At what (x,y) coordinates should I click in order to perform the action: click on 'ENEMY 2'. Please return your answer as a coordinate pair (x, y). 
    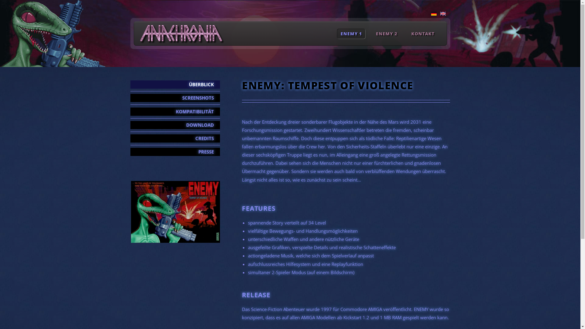
    Looking at the image, I should click on (372, 34).